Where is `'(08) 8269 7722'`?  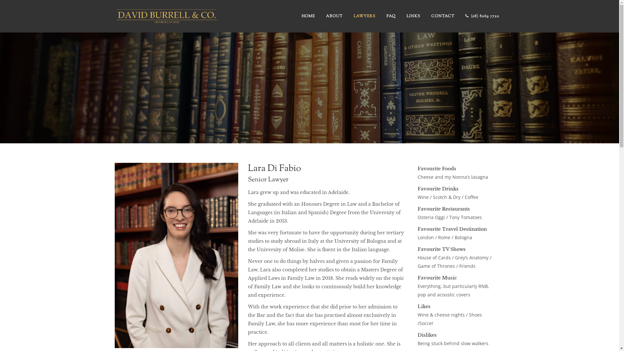 '(08) 8269 7722' is located at coordinates (482, 16).